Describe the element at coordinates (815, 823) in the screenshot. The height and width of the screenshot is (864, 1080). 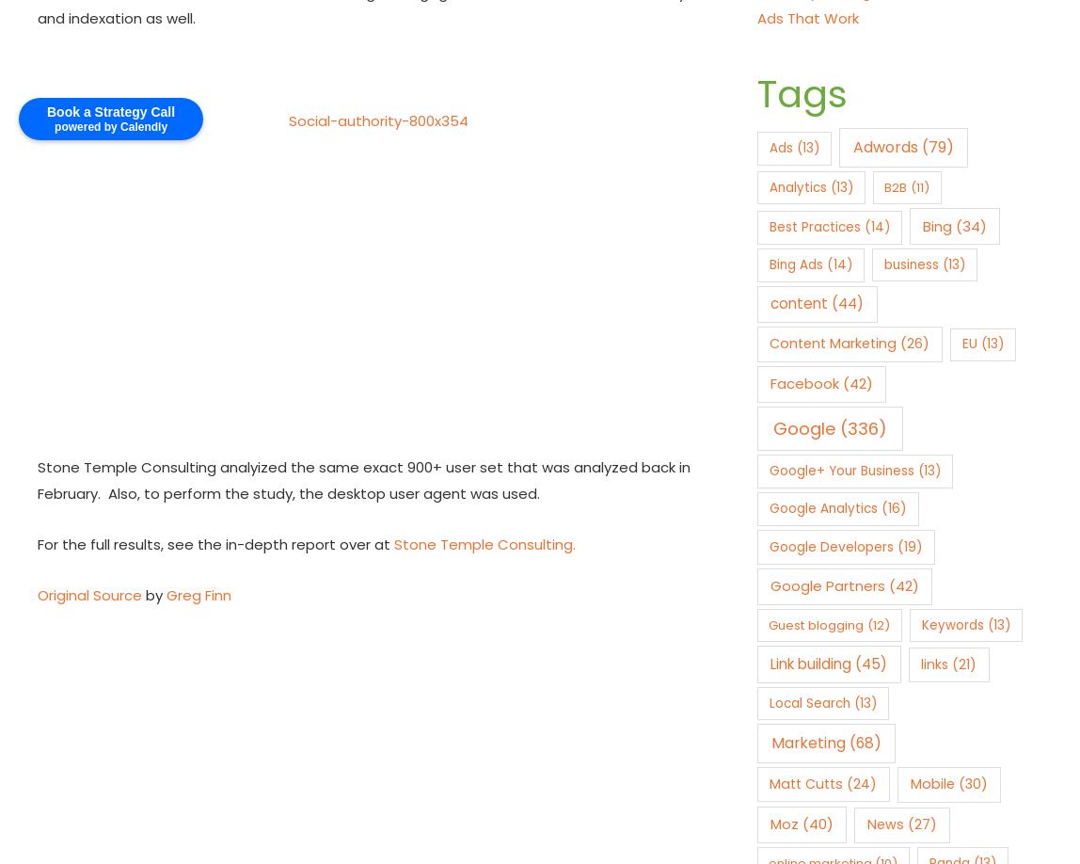
I see `'(40)'` at that location.